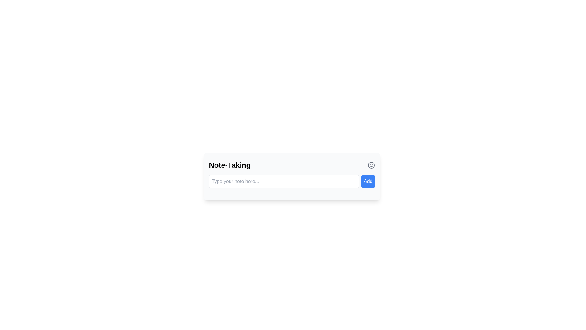 Image resolution: width=586 pixels, height=330 pixels. What do you see at coordinates (368, 181) in the screenshot?
I see `the button positioned to the right of the text input field` at bounding box center [368, 181].